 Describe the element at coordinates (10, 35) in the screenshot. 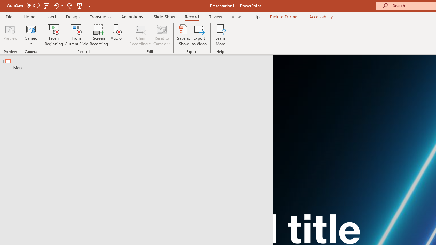

I see `'Preview'` at that location.